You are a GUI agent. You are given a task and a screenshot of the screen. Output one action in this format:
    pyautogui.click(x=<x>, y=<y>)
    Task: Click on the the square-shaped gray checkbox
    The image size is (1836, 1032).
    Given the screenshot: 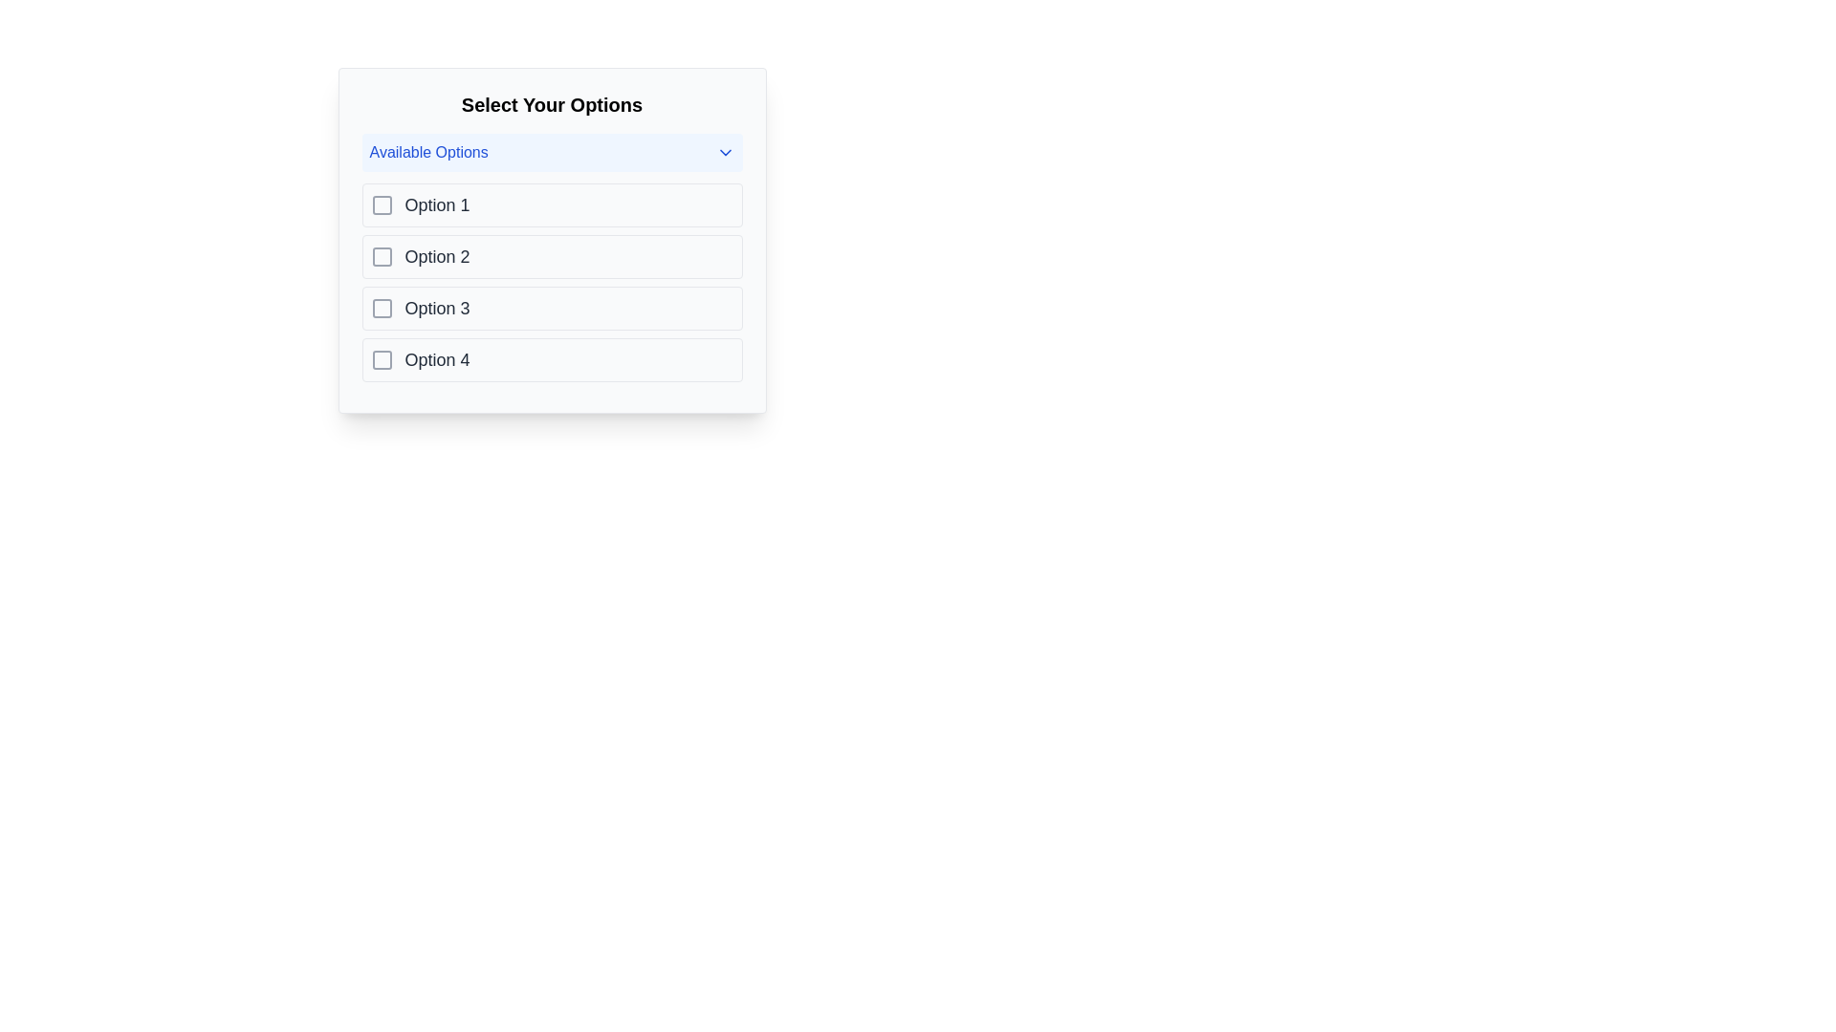 What is the action you would take?
    pyautogui.click(x=382, y=256)
    